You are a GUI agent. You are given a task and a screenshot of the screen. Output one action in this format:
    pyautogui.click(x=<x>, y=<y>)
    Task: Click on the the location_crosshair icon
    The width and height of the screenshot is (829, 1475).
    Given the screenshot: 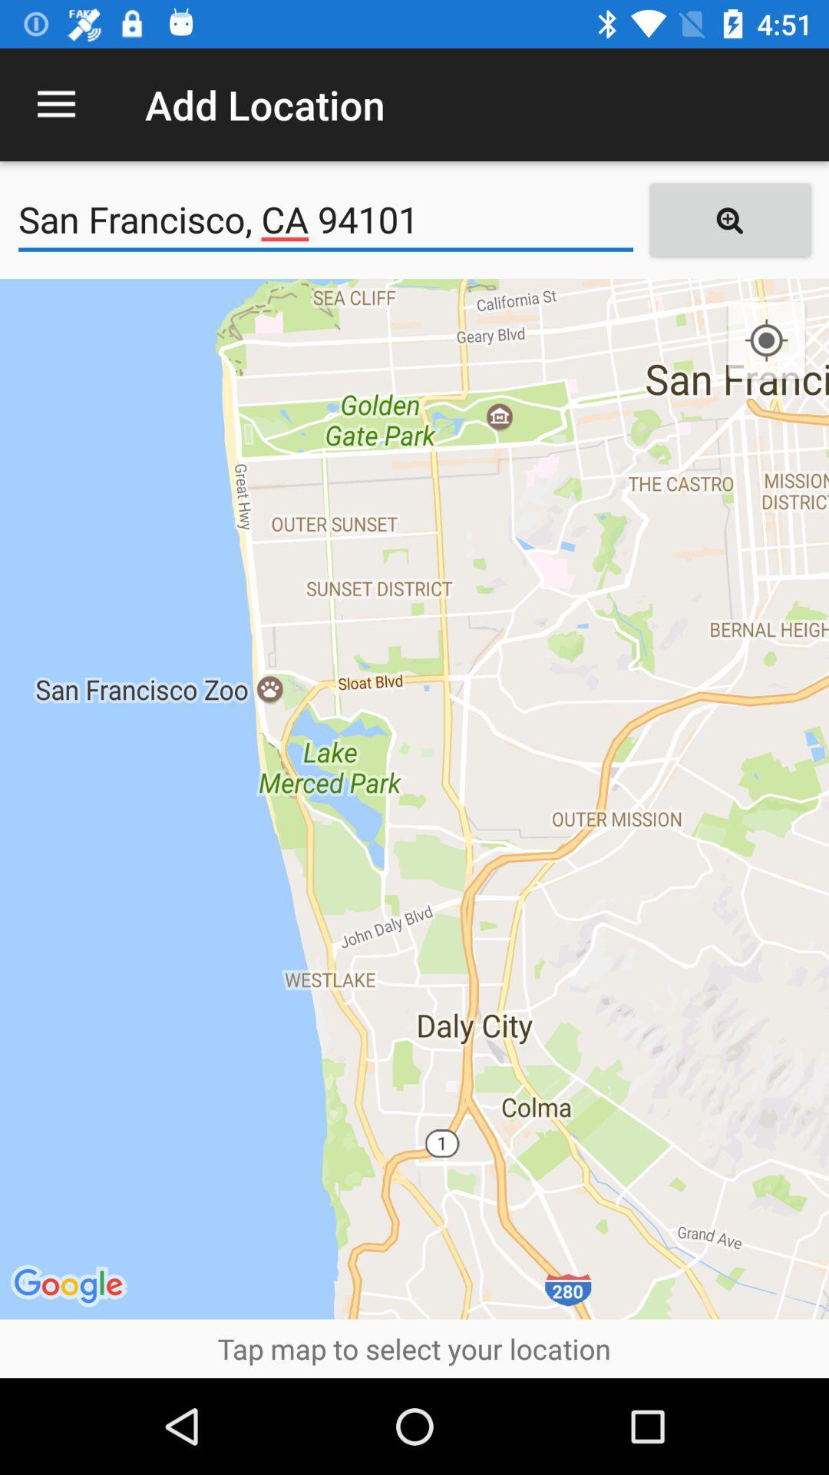 What is the action you would take?
    pyautogui.click(x=766, y=340)
    